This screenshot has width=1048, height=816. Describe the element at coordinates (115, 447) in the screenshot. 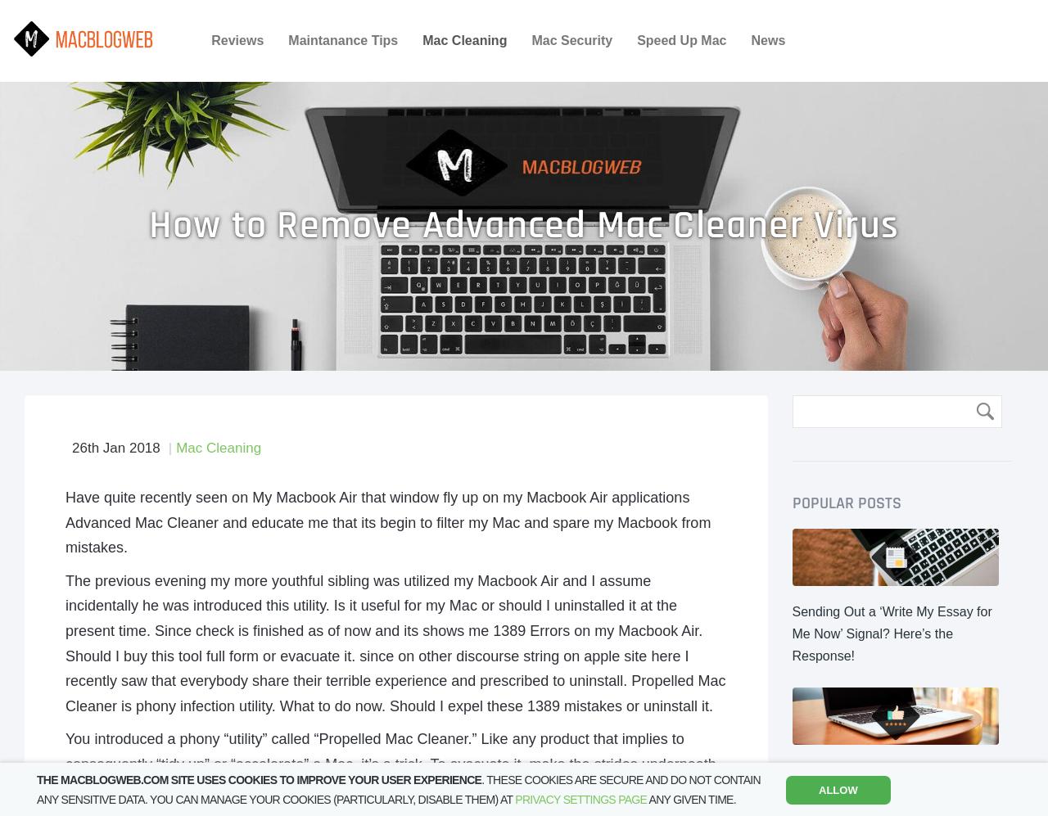

I see `'26th Jan 2018'` at that location.